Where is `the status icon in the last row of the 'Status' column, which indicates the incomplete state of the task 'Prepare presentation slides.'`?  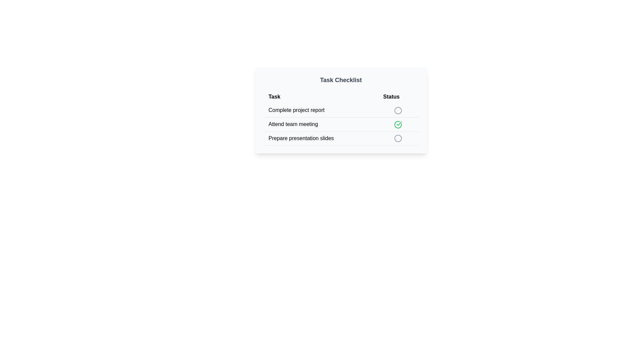
the status icon in the last row of the 'Status' column, which indicates the incomplete state of the task 'Prepare presentation slides.' is located at coordinates (398, 138).